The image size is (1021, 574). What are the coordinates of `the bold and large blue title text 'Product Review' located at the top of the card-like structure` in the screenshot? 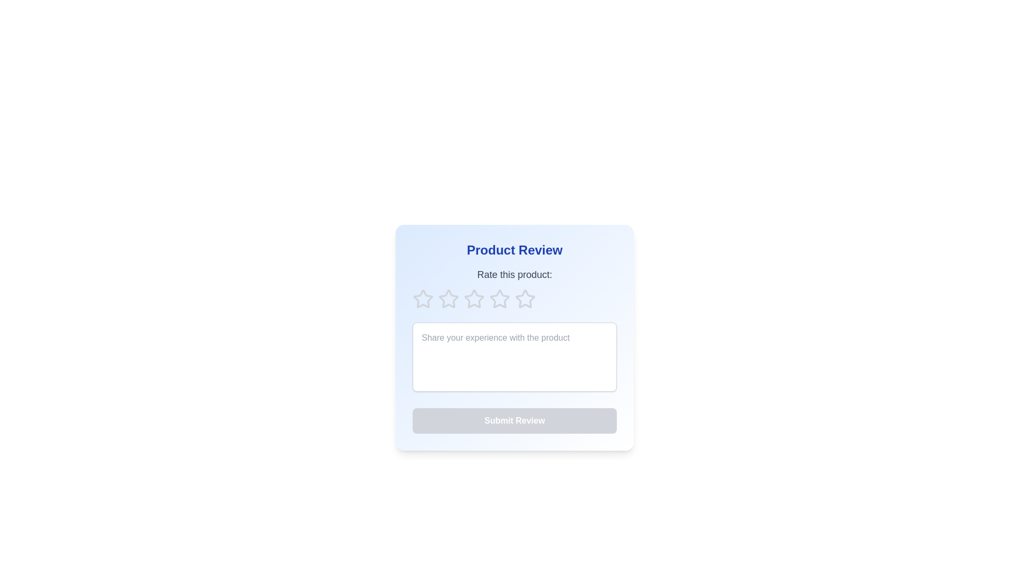 It's located at (515, 250).